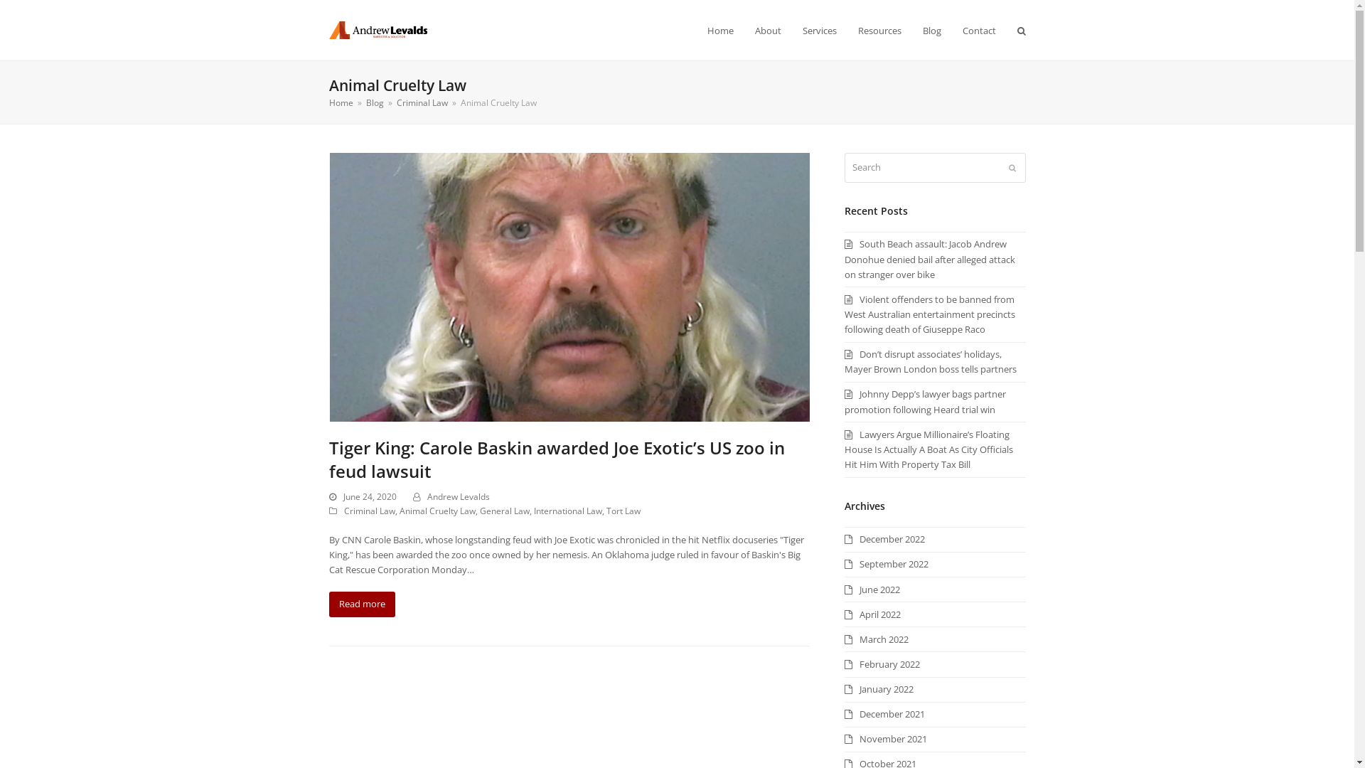  What do you see at coordinates (978, 30) in the screenshot?
I see `'Contact'` at bounding box center [978, 30].